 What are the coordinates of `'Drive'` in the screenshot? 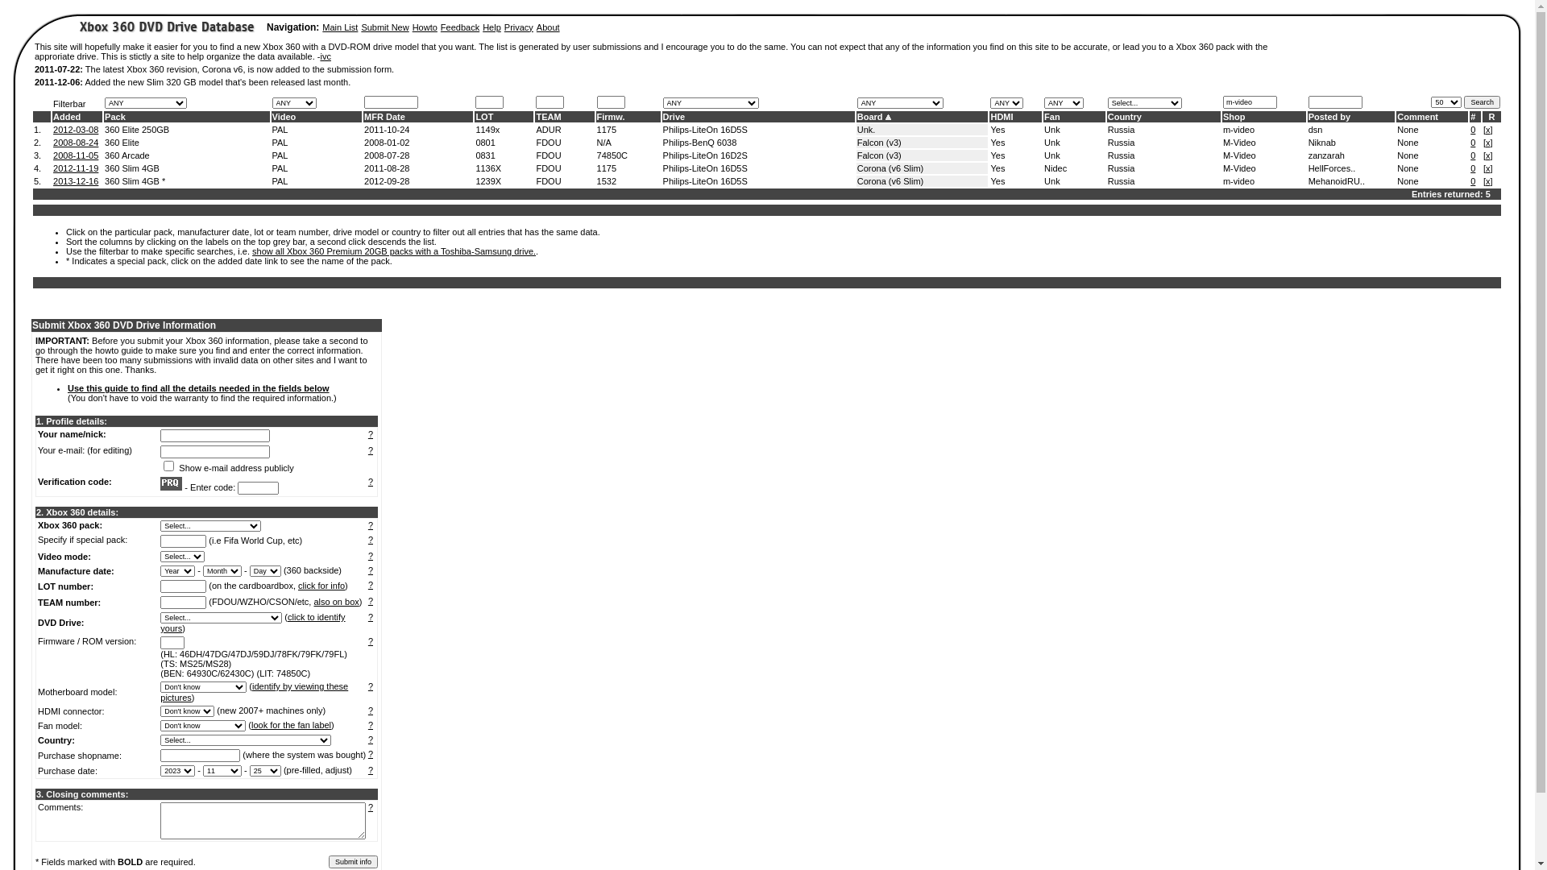 It's located at (674, 116).